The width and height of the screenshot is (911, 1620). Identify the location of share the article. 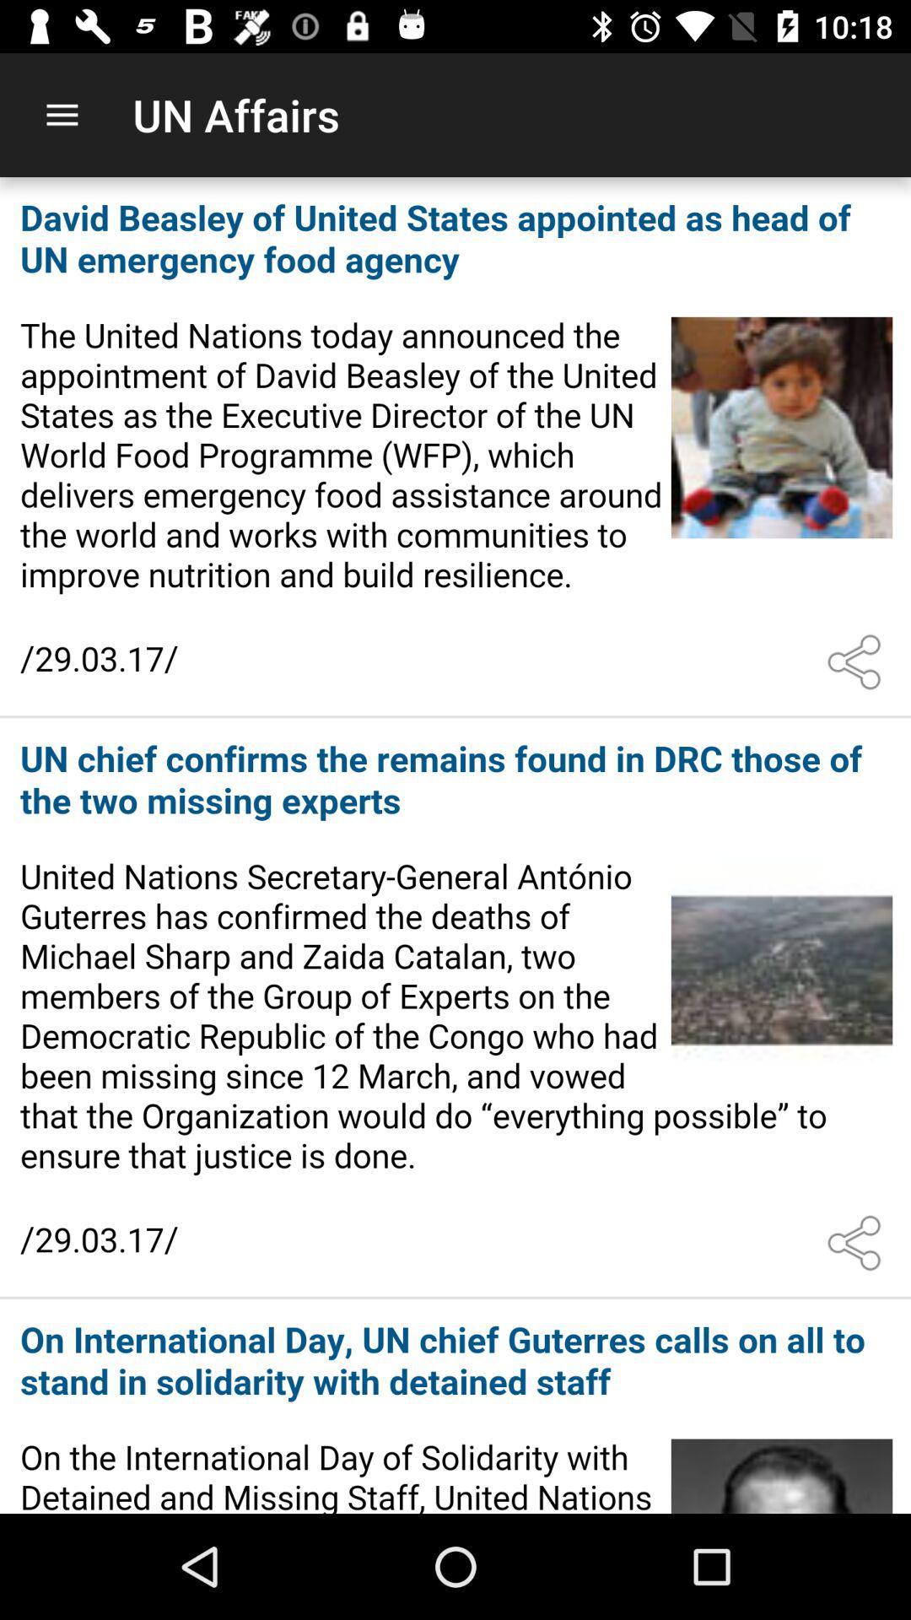
(858, 1243).